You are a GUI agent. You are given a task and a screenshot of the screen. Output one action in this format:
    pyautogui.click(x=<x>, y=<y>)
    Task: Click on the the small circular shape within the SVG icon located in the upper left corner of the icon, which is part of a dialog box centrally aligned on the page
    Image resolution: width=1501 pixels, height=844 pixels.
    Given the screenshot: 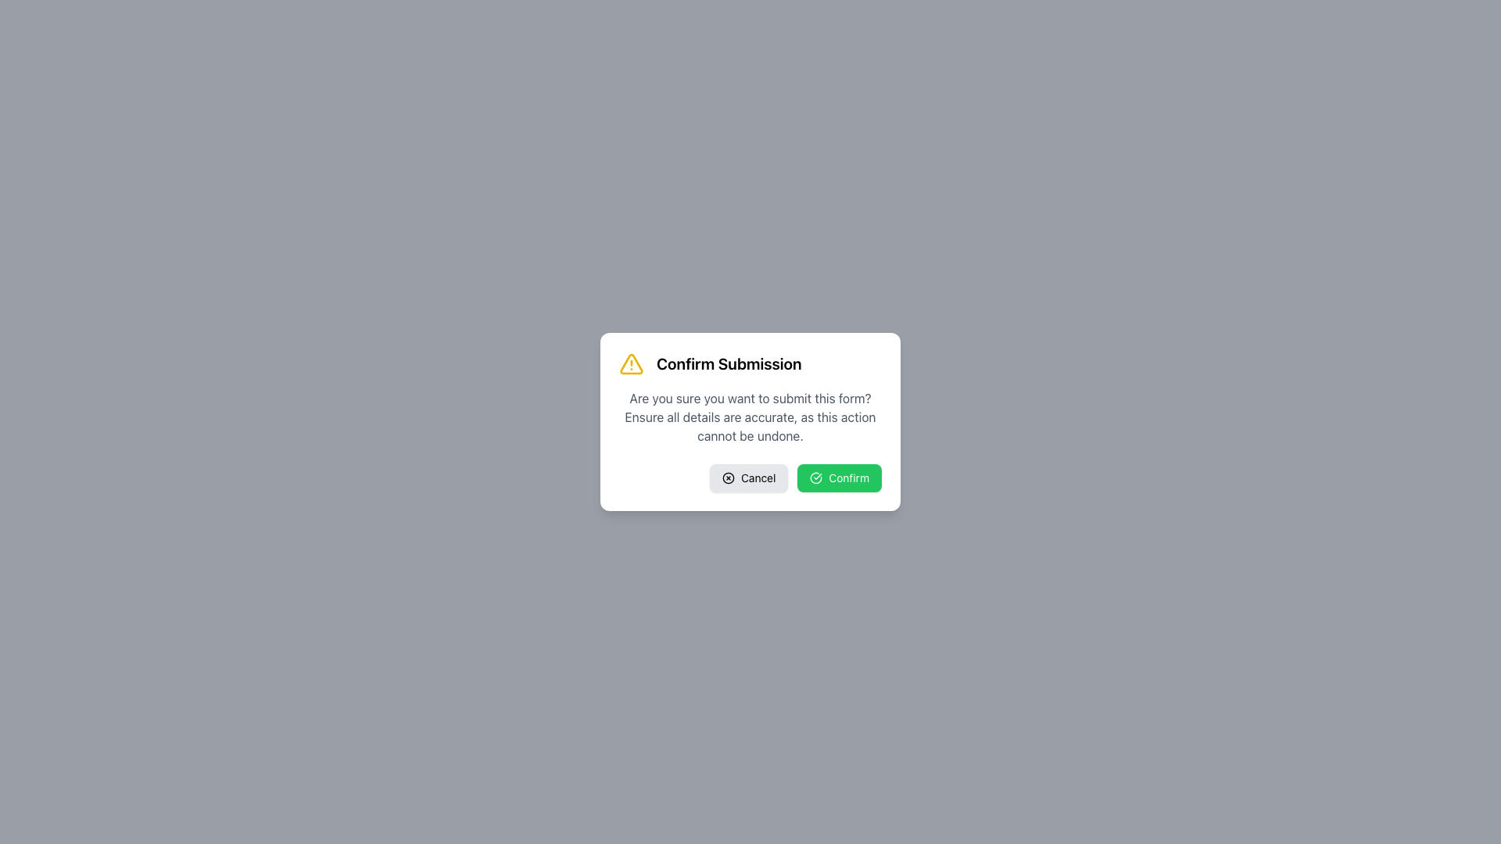 What is the action you would take?
    pyautogui.click(x=727, y=477)
    